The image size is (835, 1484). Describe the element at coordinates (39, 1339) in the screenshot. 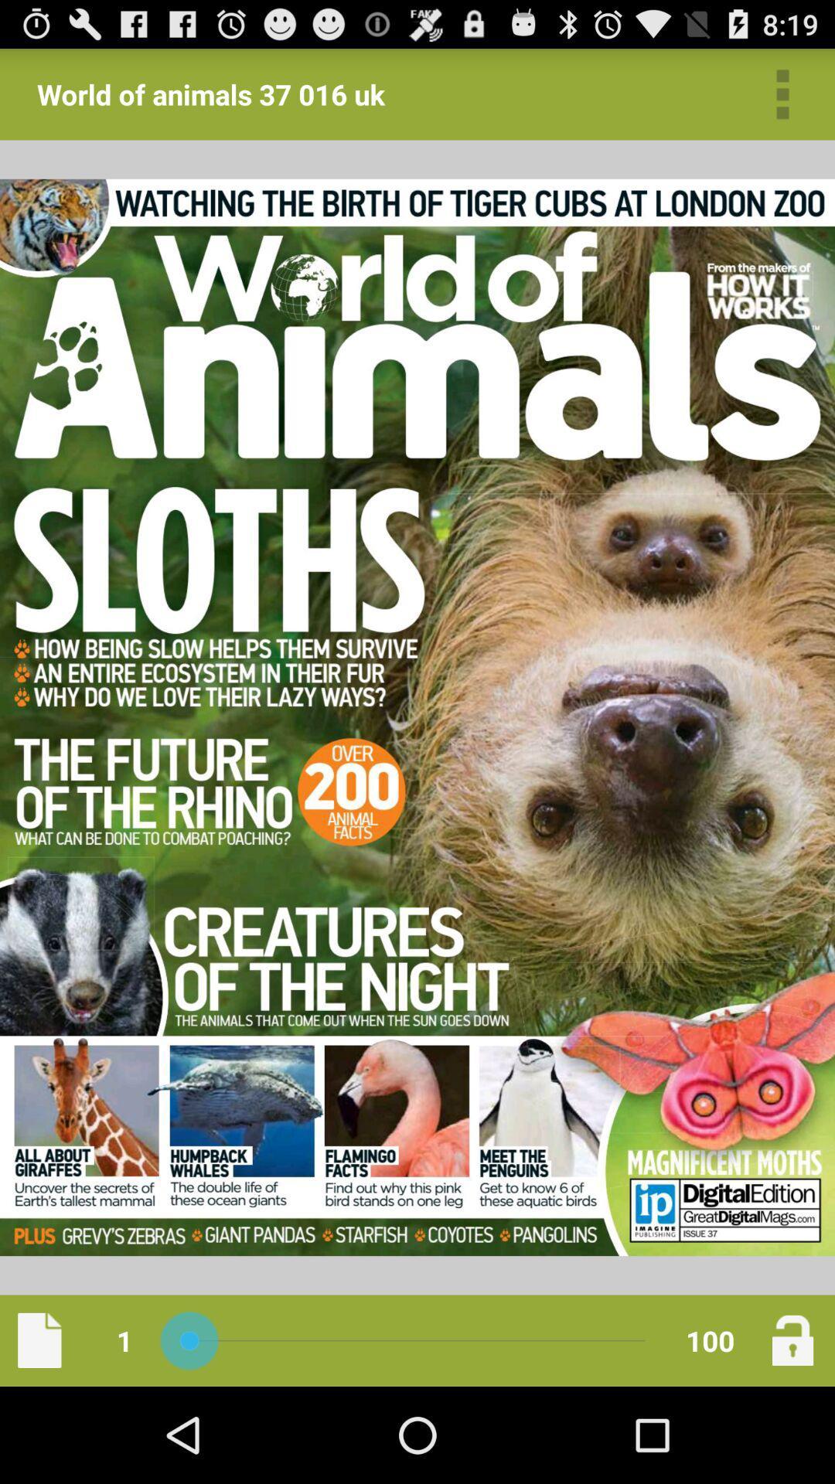

I see `new page` at that location.